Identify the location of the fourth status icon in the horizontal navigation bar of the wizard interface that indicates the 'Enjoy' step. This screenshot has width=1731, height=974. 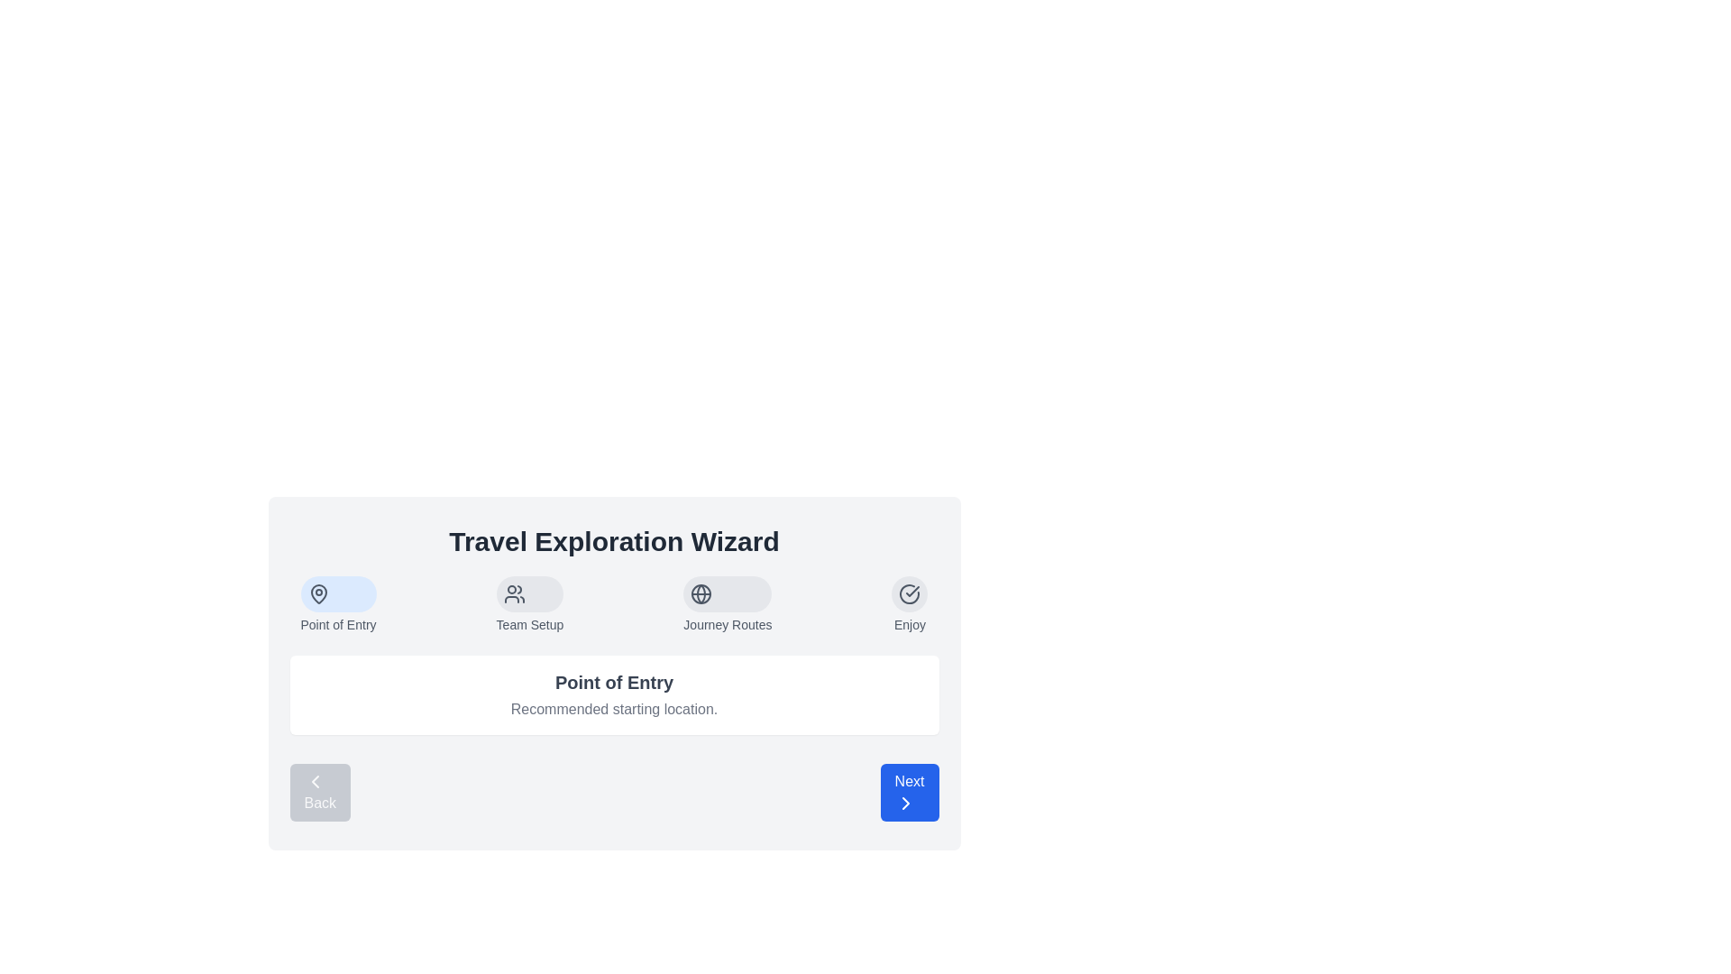
(910, 594).